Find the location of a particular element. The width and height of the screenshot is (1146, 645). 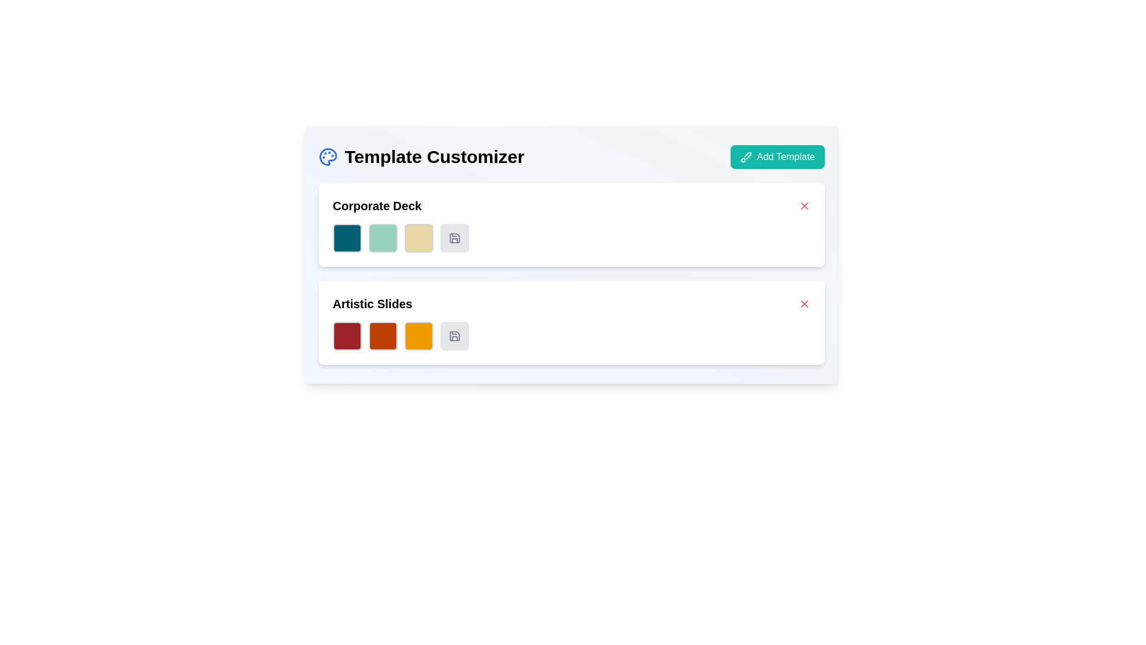

the 'palette' icon representing the 'template customization' feature, which is located to the left of the 'Template Customizer' label is located at coordinates (328, 156).